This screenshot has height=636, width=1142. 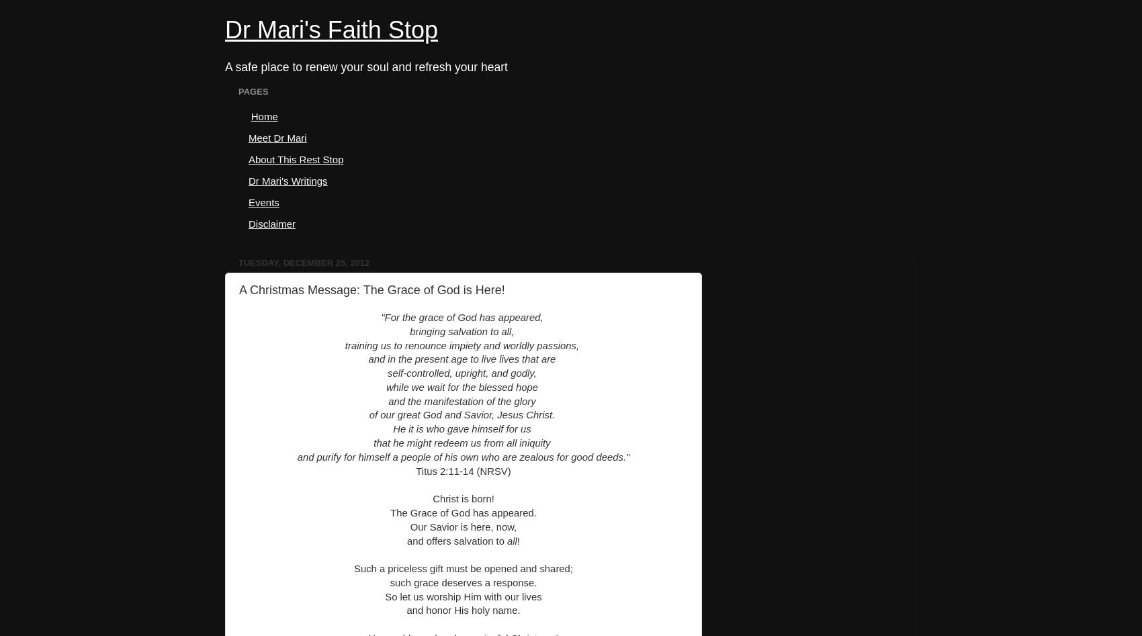 I want to click on 'Meet Dr Mari', so click(x=276, y=137).